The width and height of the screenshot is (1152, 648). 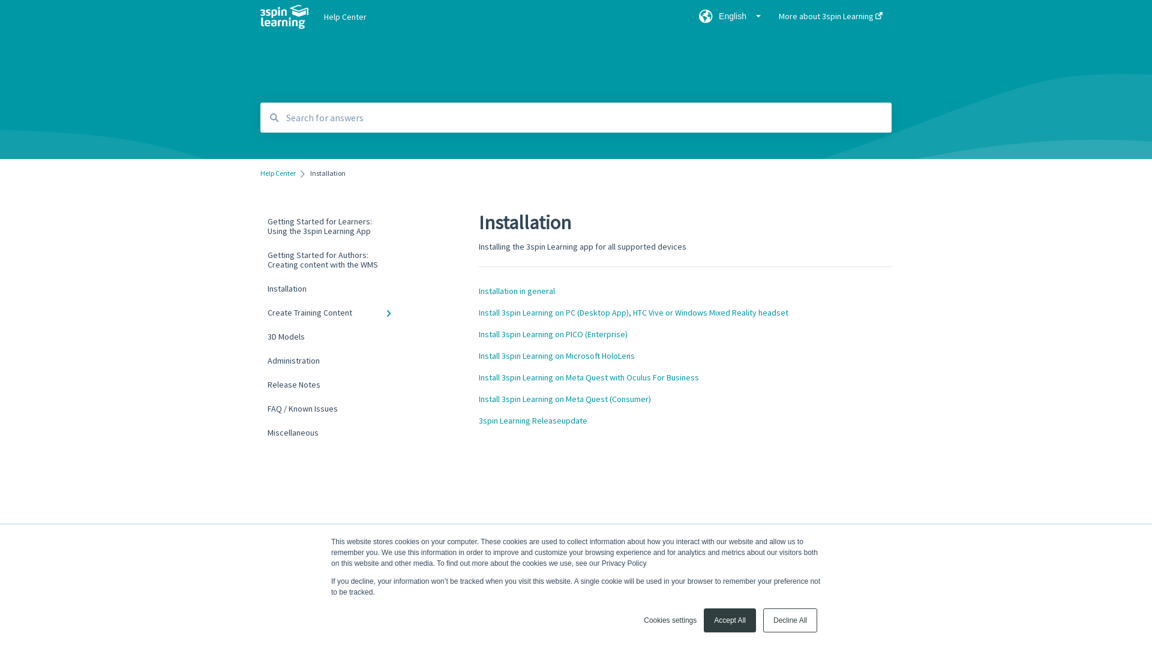 I want to click on 'Accept All', so click(x=729, y=620).